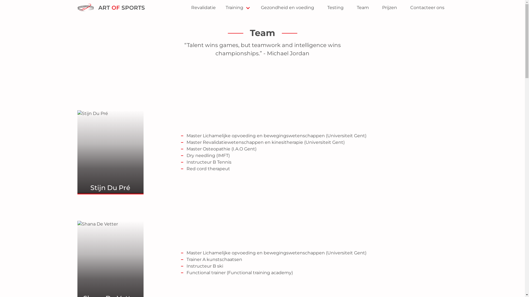 The image size is (529, 297). I want to click on 'Testing', so click(335, 7).